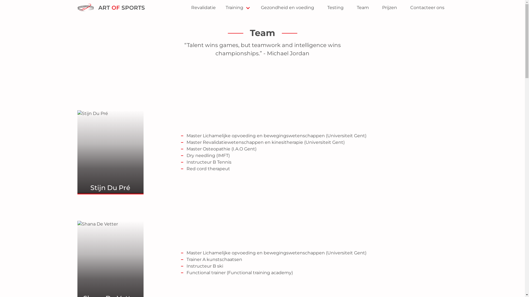 The image size is (529, 297). I want to click on 'Testing', so click(335, 7).